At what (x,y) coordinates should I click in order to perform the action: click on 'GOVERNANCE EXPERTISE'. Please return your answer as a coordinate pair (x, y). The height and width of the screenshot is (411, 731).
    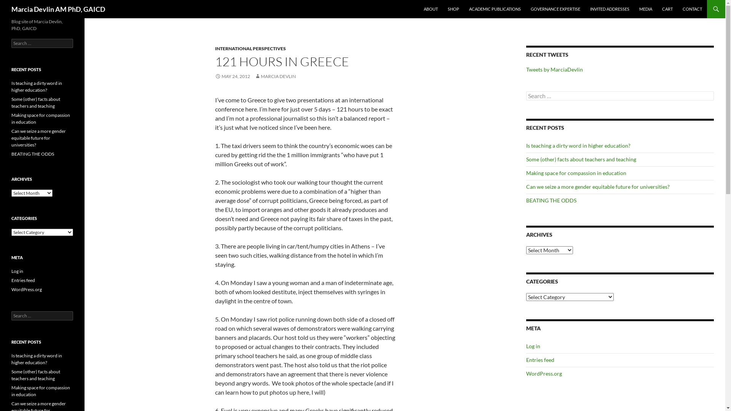
    Looking at the image, I should click on (526, 9).